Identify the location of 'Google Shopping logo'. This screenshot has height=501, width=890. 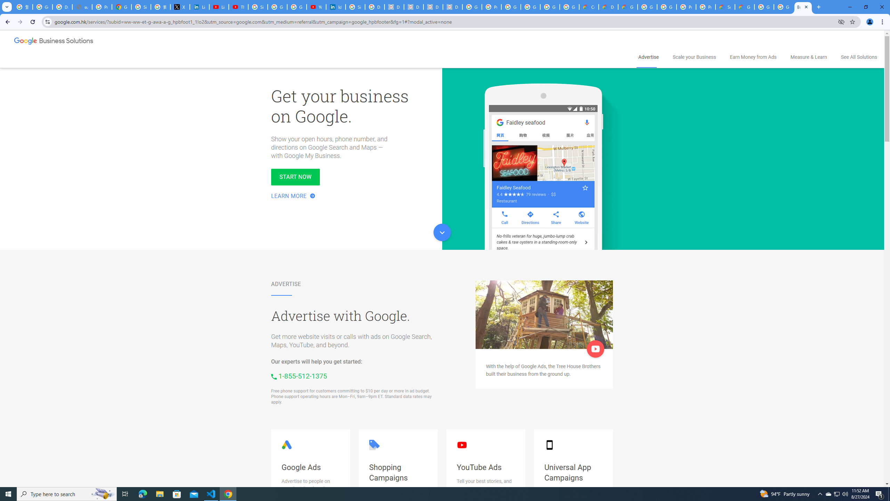
(374, 445).